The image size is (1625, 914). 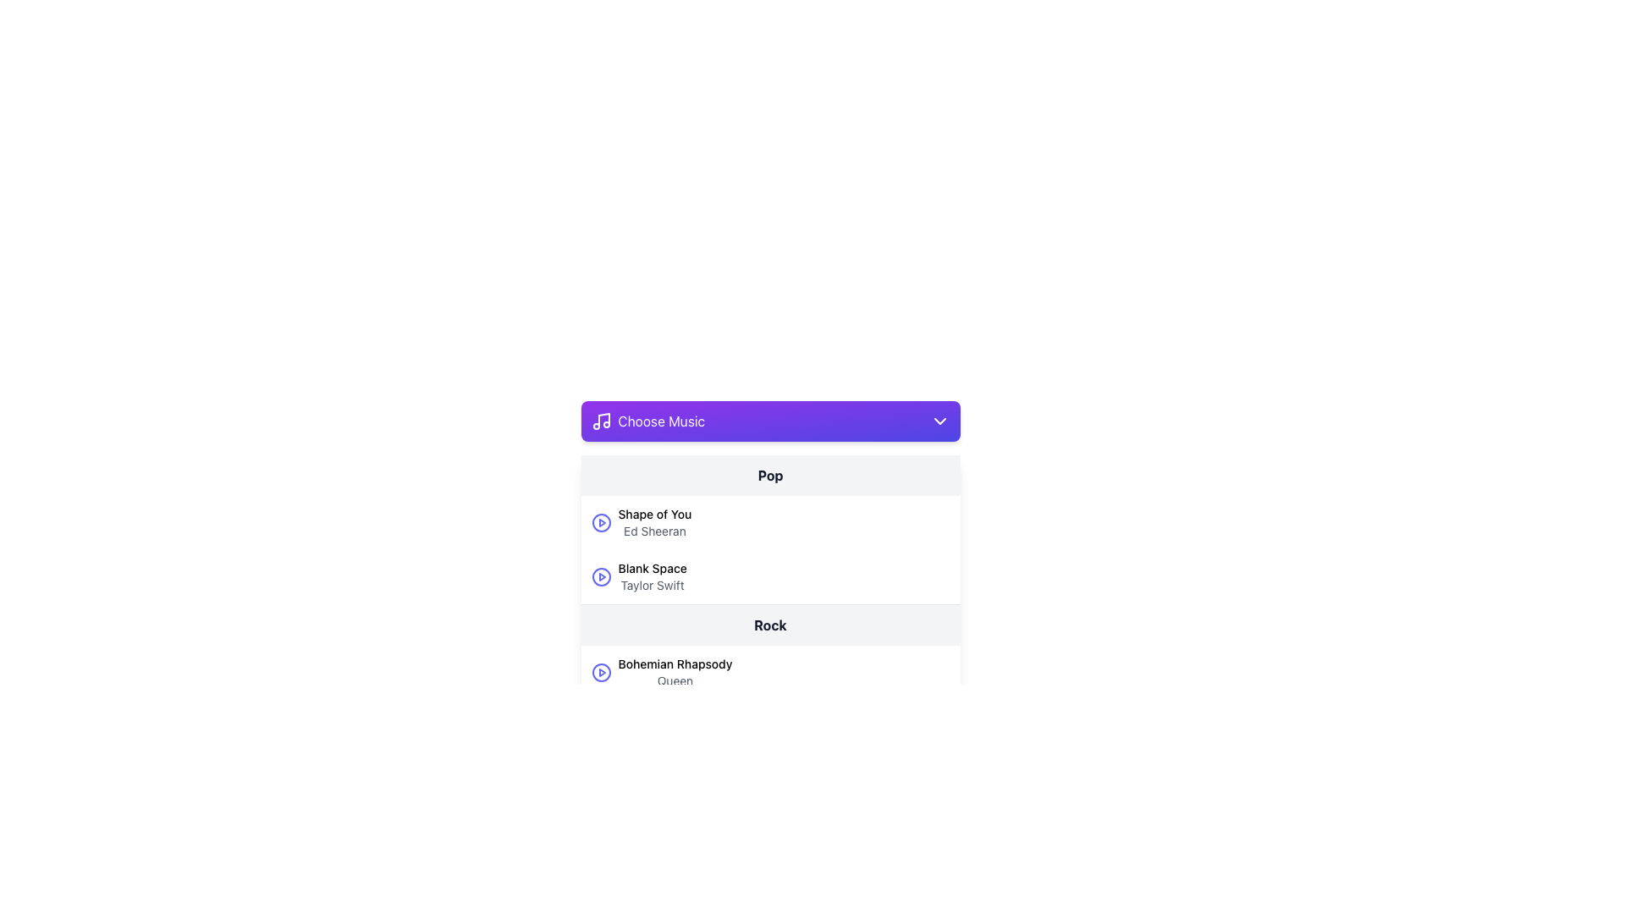 I want to click on the 'Blank Space' text label by Taylor Swift, which is located in the second row under the 'Pop' section of the song list, so click(x=652, y=576).